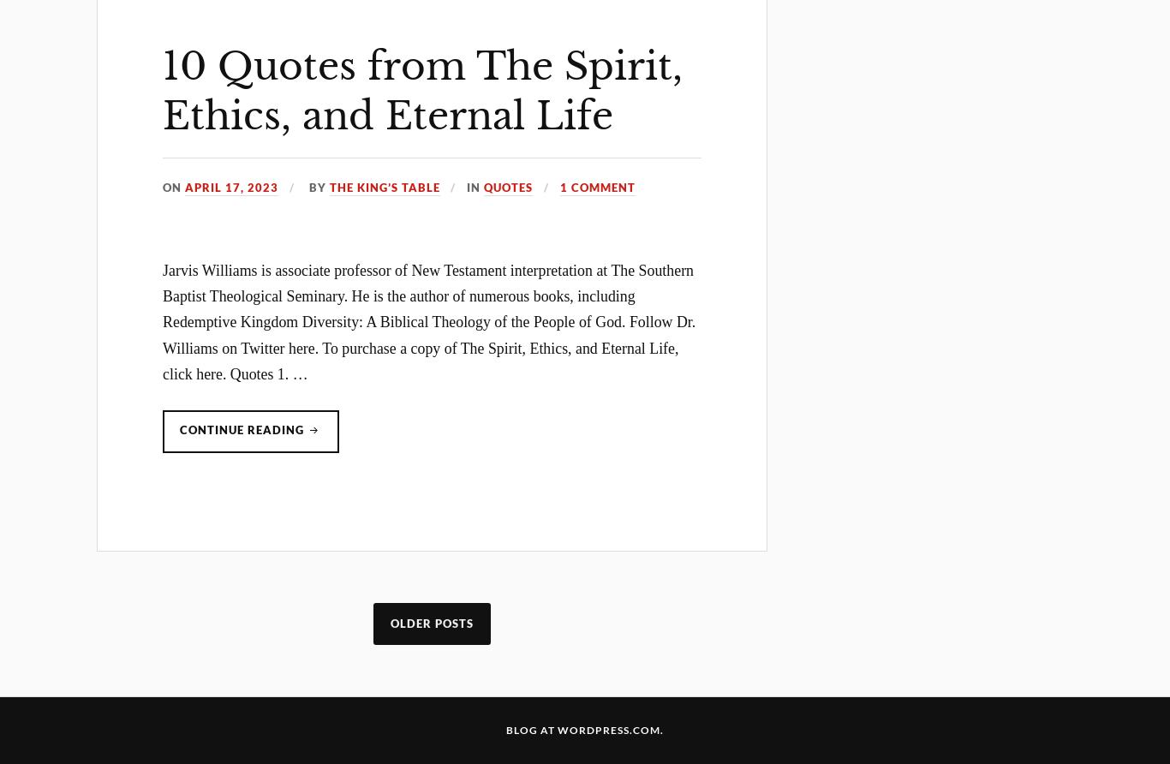 The width and height of the screenshot is (1170, 764). What do you see at coordinates (327, 186) in the screenshot?
I see `'The King’s Table'` at bounding box center [327, 186].